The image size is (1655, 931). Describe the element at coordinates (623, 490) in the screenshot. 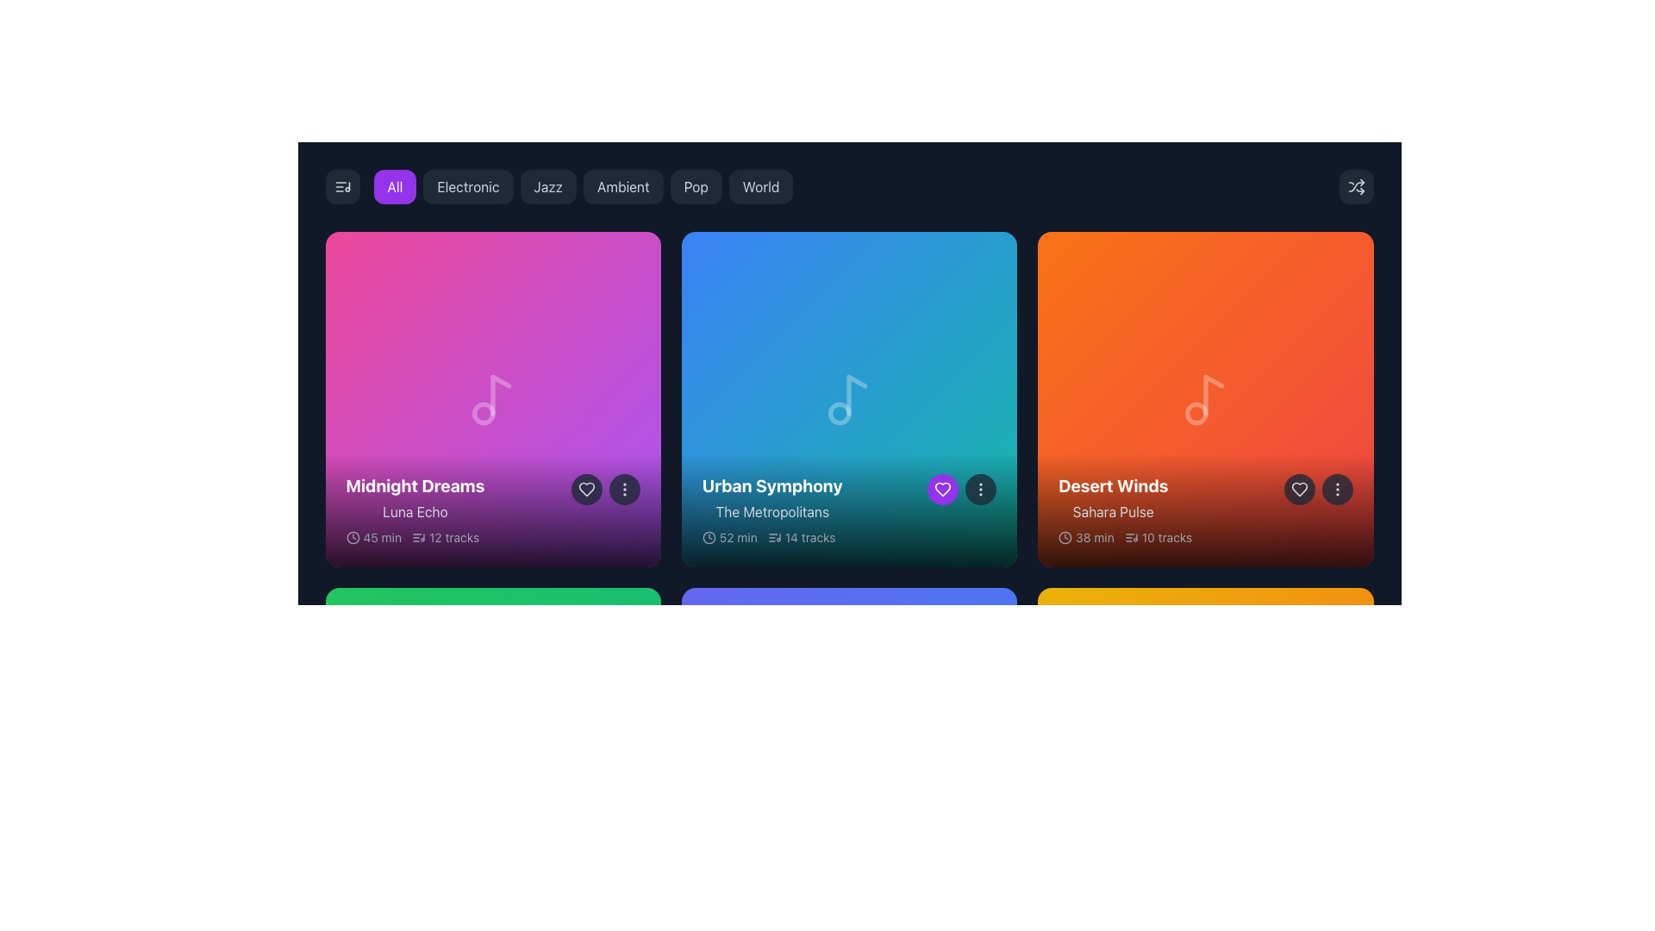

I see `the ellipsis icon button located at the bottom-right corner of the 'Midnight Dreams' content card` at that location.